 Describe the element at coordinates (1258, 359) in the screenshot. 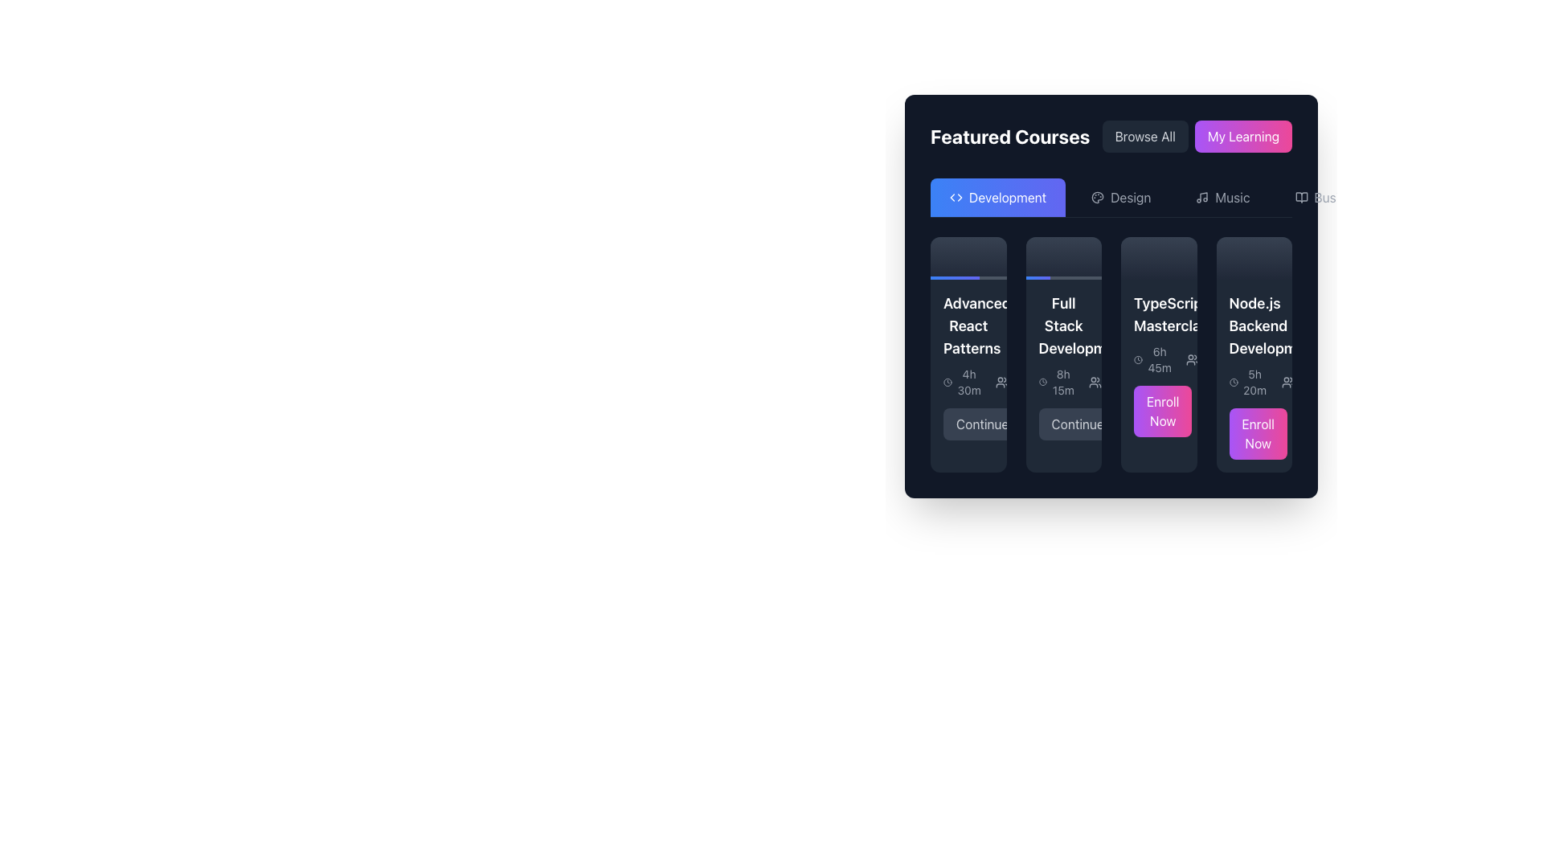

I see `the user rating or score text and icon combination located at the bottom-right corner of the fifth course card in the 'Featured Courses' section` at that location.